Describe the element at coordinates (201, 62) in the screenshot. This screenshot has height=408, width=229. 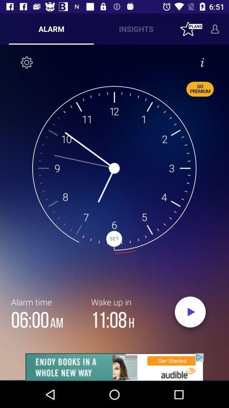
I see `the info icon` at that location.